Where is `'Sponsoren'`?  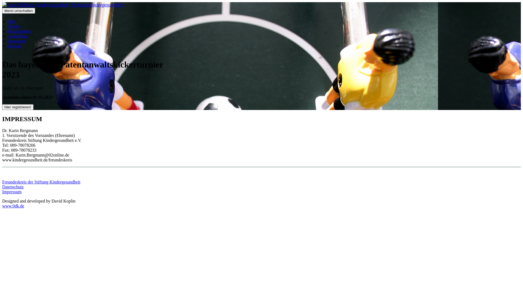 'Sponsoren' is located at coordinates (17, 41).